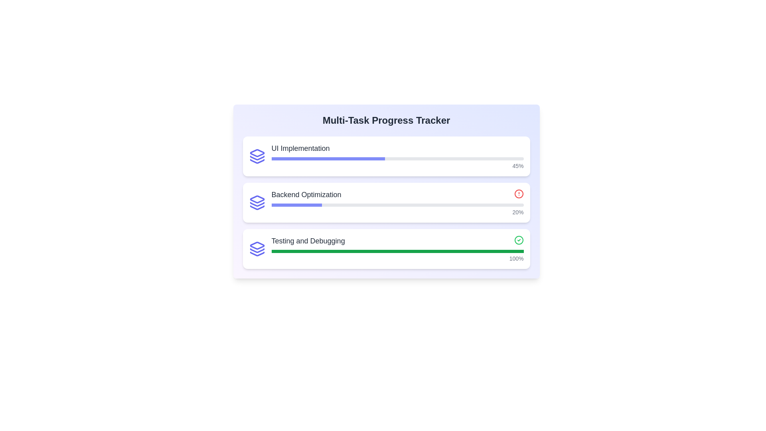 Image resolution: width=766 pixels, height=431 pixels. I want to click on the central Progress Card displaying 'Backend Optimization' at 20% completion, so click(386, 191).